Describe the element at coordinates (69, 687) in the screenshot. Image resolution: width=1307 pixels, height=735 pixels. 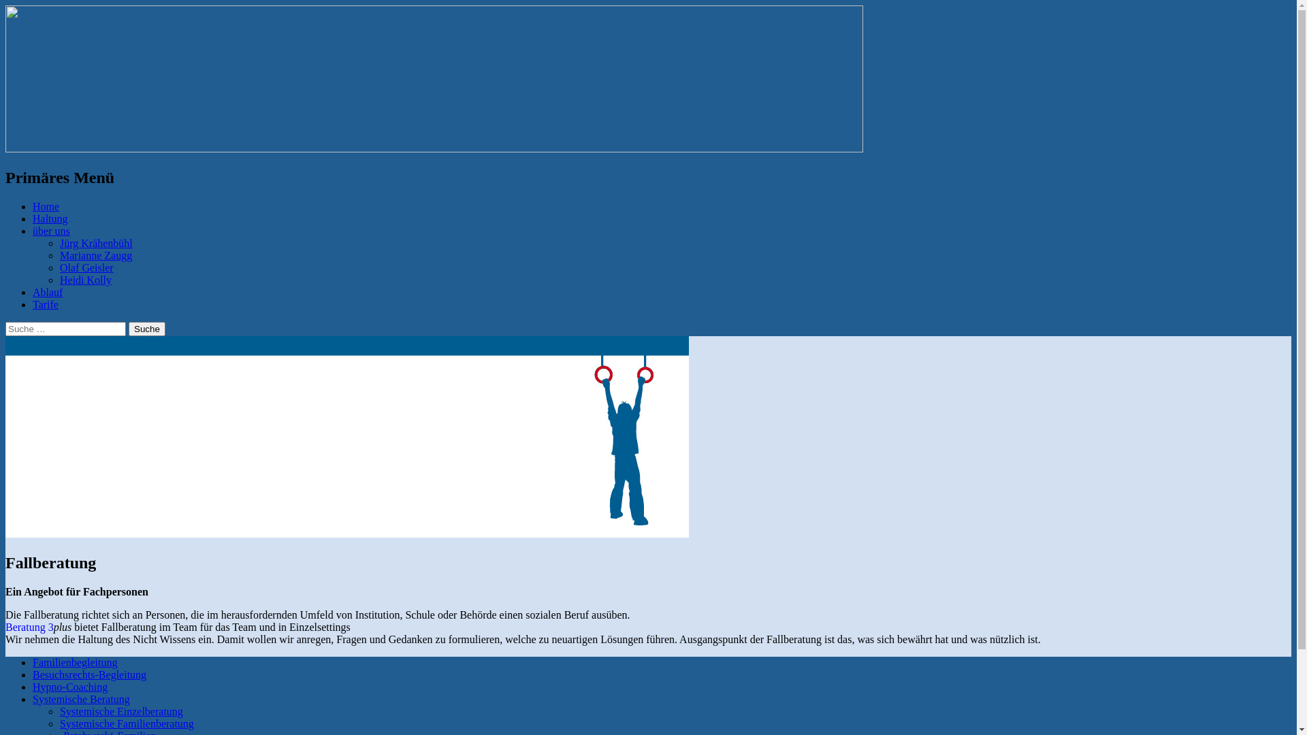
I see `'Hypno-Coaching'` at that location.